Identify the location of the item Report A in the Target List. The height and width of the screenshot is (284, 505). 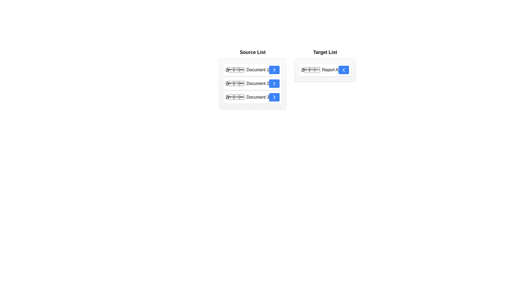
(325, 70).